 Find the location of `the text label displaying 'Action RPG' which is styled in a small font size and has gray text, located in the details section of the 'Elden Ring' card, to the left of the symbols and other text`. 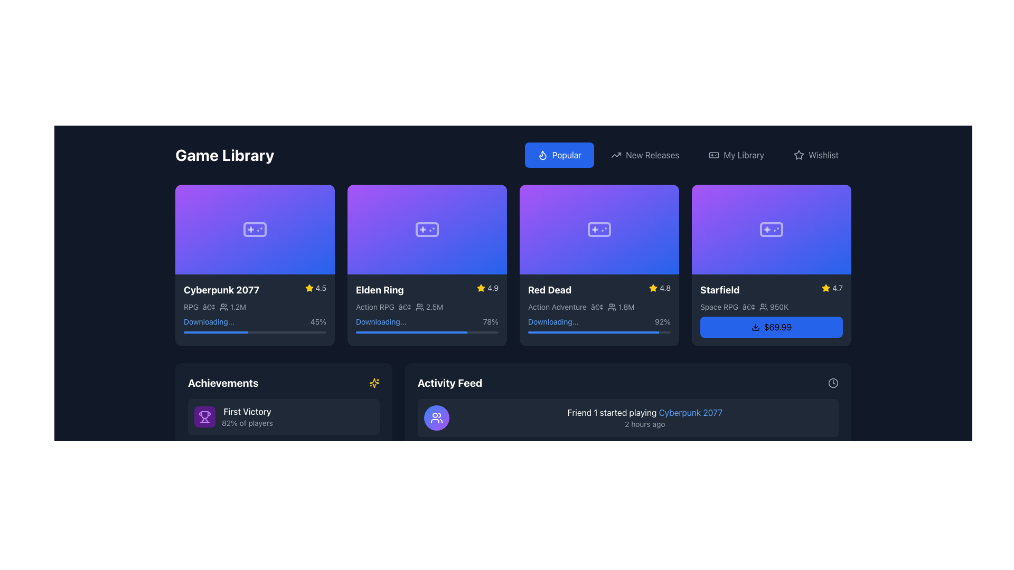

the text label displaying 'Action RPG' which is styled in a small font size and has gray text, located in the details section of the 'Elden Ring' card, to the left of the symbols and other text is located at coordinates (375, 307).